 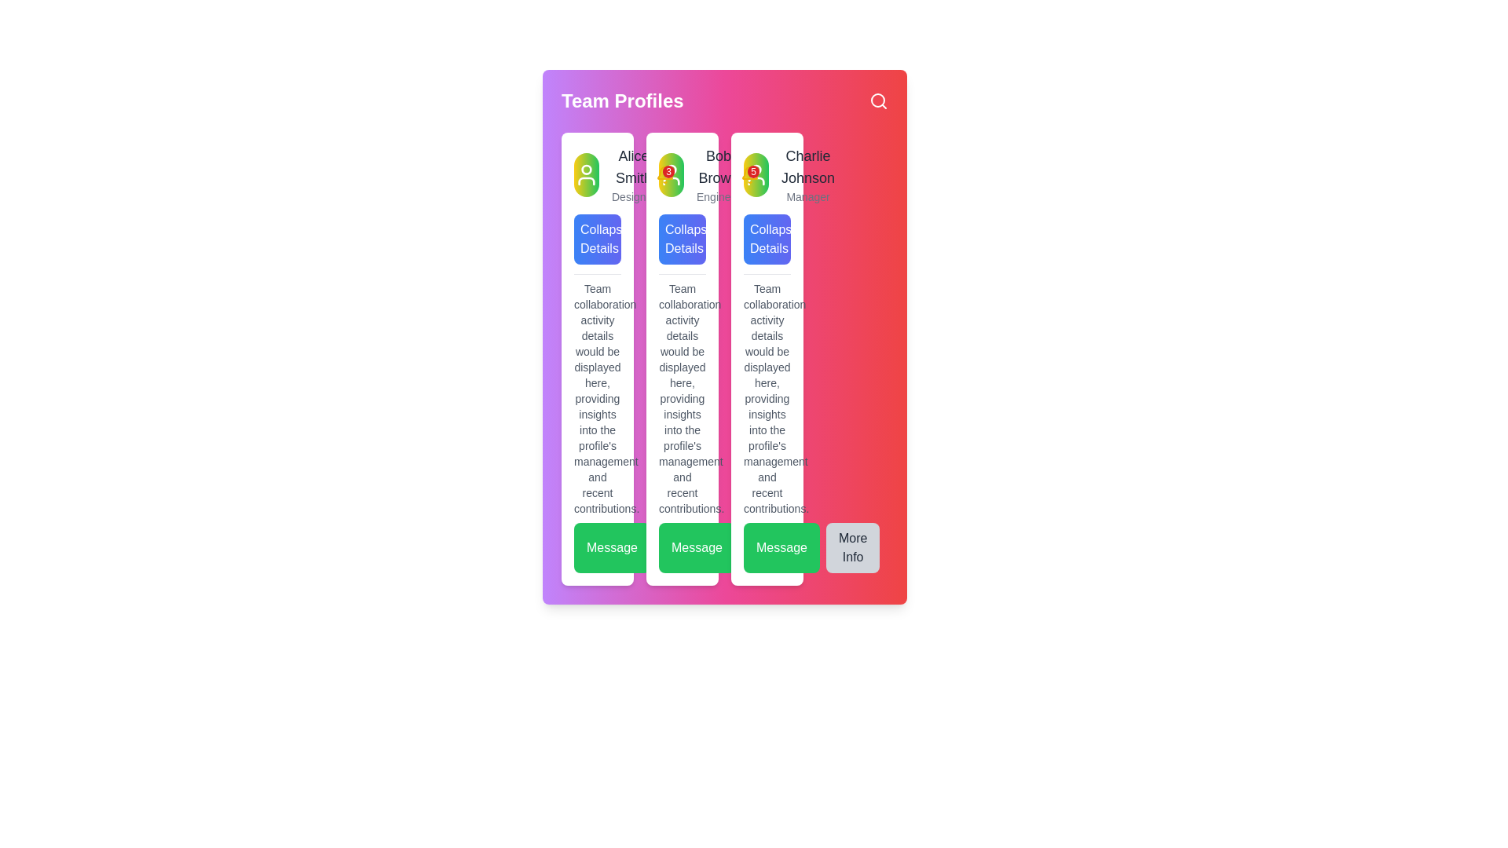 I want to click on the 'Team Profiles' text label which serves as a section title or header for team member profiles, so click(x=621, y=101).